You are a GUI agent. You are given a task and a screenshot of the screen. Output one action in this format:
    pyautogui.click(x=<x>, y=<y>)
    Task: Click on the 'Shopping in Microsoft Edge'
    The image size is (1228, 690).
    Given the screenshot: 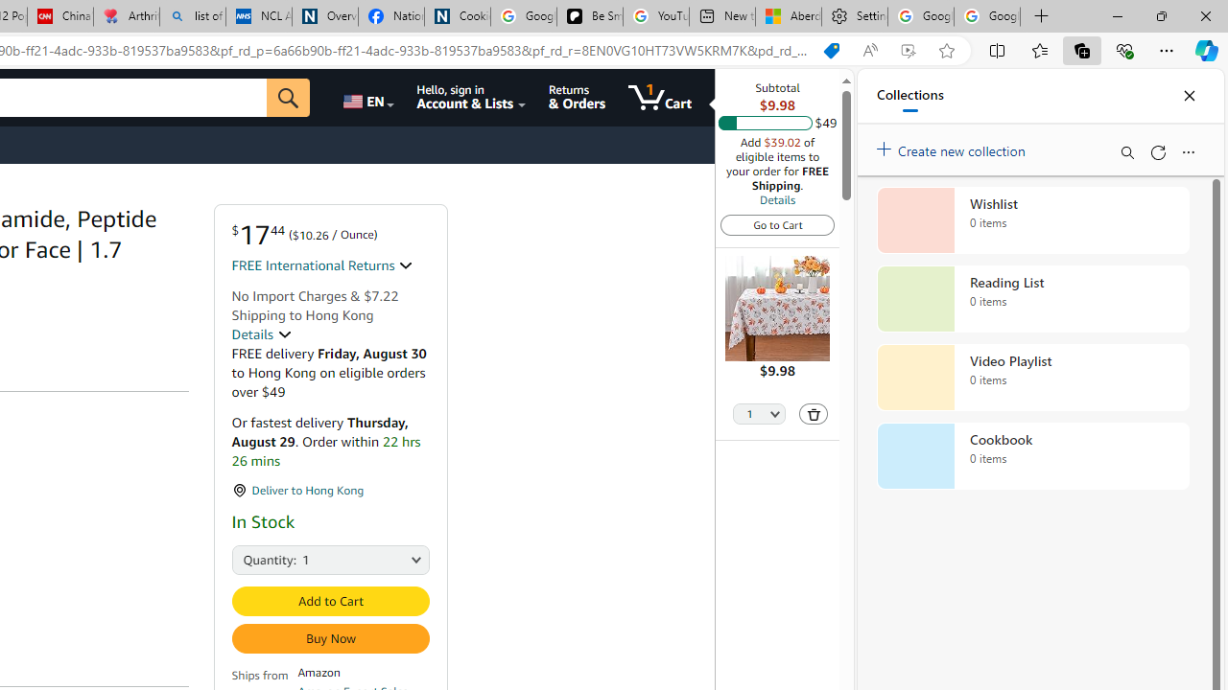 What is the action you would take?
    pyautogui.click(x=832, y=50)
    